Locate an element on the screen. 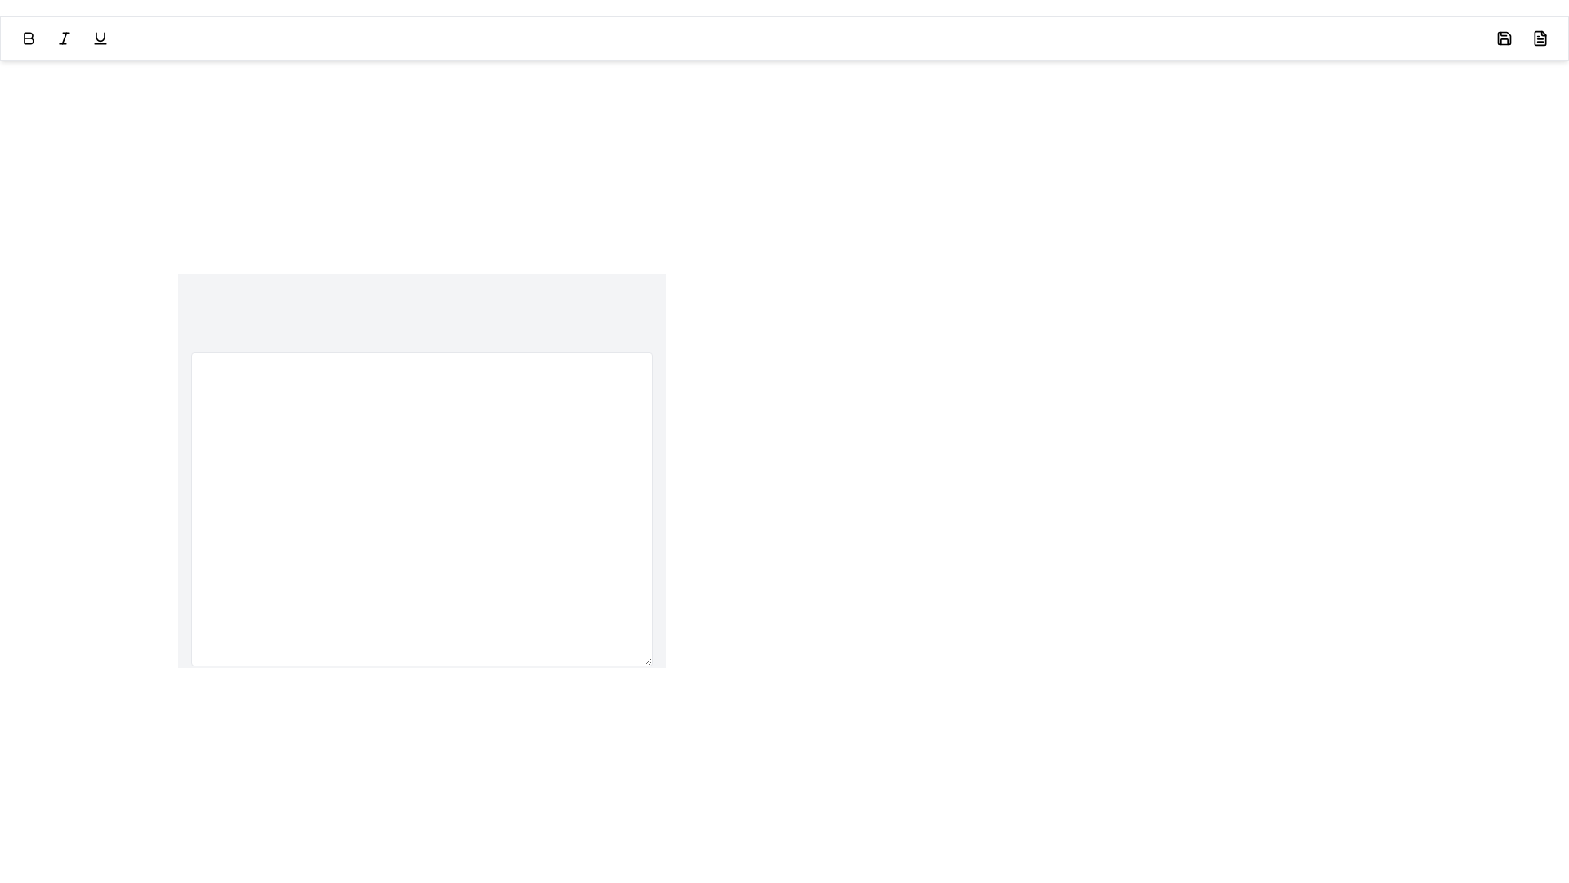 This screenshot has height=883, width=1569. the italicized 'I' icon button, which is the second icon from the left in the formatting controls toolbar is located at coordinates (64, 37).